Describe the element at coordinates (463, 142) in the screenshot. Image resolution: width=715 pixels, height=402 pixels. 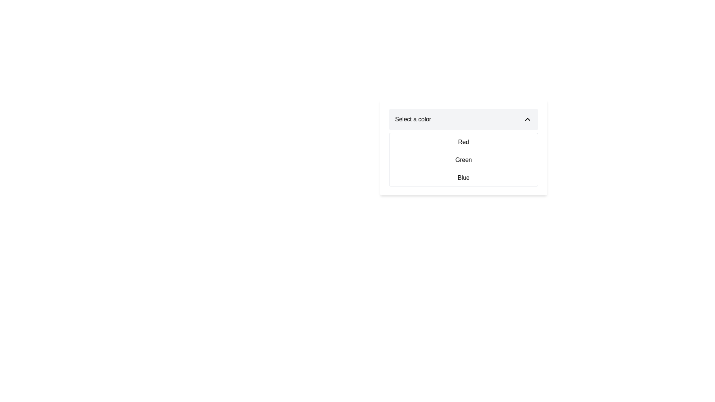
I see `the first item 'Red' in the dropdown list` at that location.